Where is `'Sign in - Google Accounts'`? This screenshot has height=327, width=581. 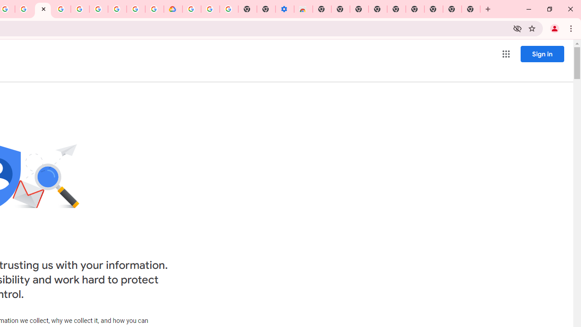 'Sign in - Google Accounts' is located at coordinates (80, 9).